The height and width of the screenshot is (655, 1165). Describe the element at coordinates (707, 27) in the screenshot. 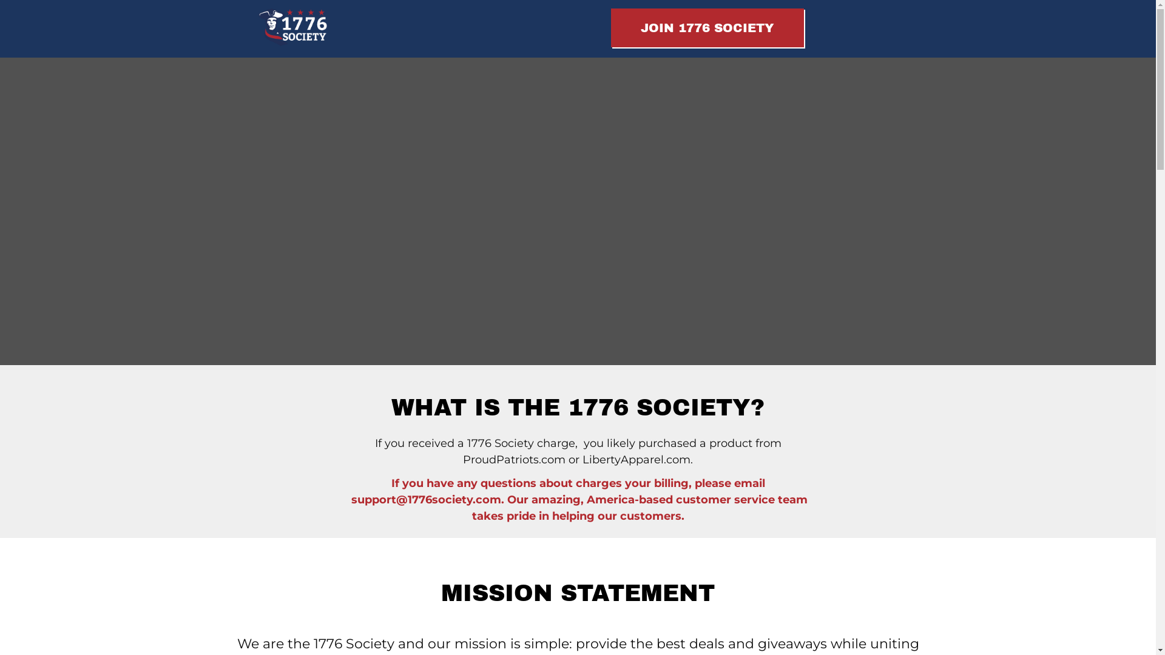

I see `'JOIN 1776 SOCIETY'` at that location.